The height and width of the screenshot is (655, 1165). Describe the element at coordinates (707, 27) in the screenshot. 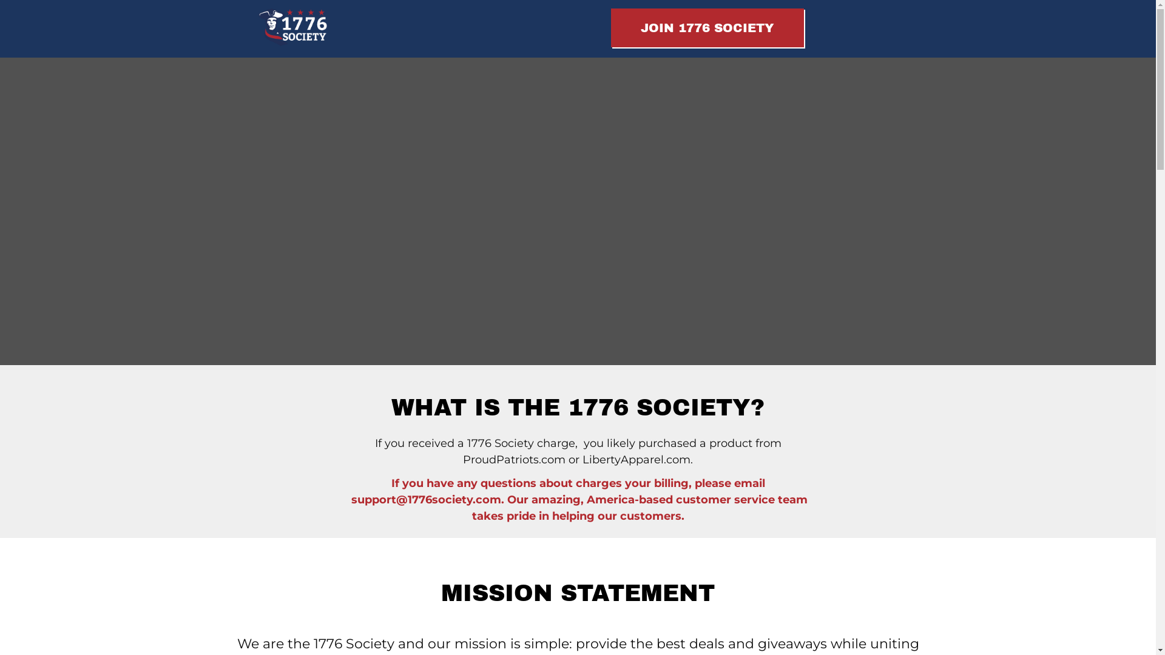

I see `'JOIN 1776 SOCIETY'` at that location.